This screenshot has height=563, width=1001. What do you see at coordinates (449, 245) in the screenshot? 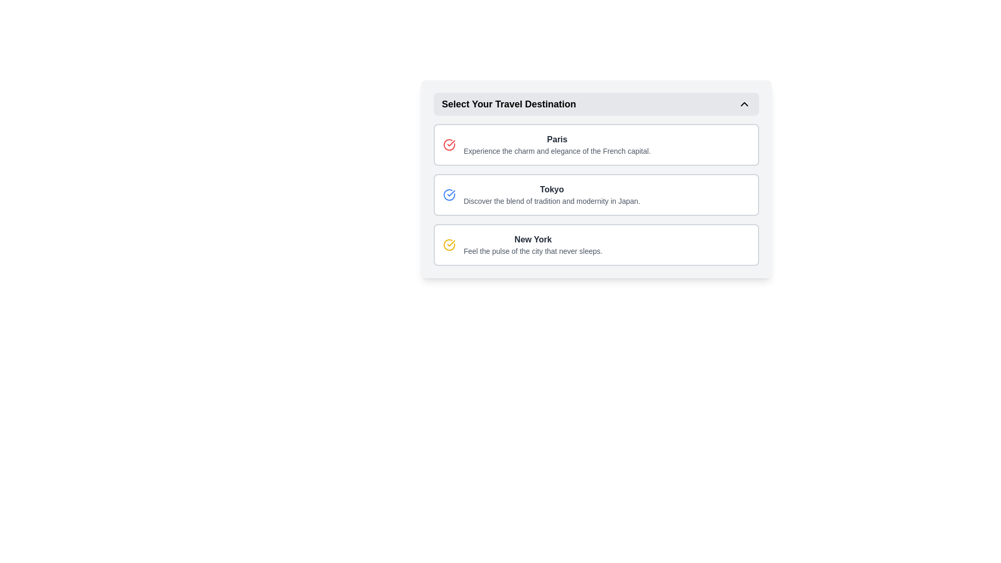
I see `the circular icon with a yellow border and a check mark, located to the left of the text 'New York'` at bounding box center [449, 245].